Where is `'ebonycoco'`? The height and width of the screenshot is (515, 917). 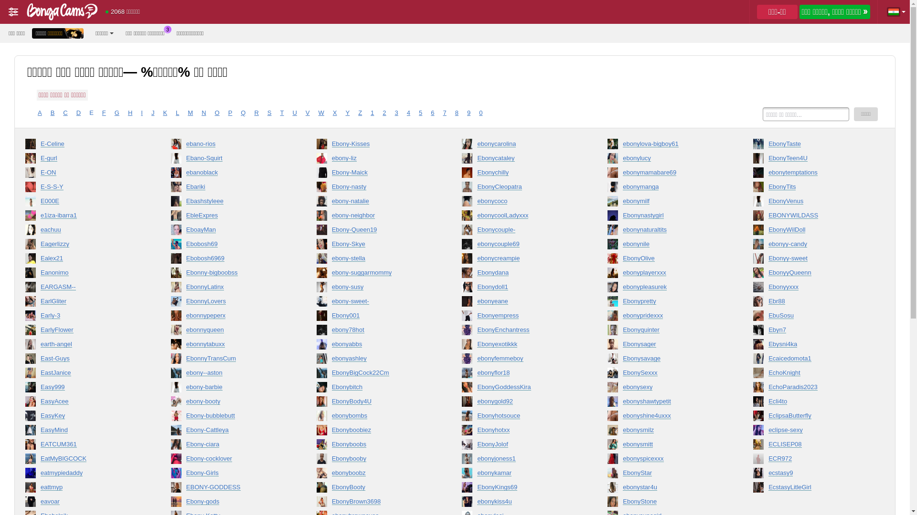 'ebonycoco' is located at coordinates (520, 202).